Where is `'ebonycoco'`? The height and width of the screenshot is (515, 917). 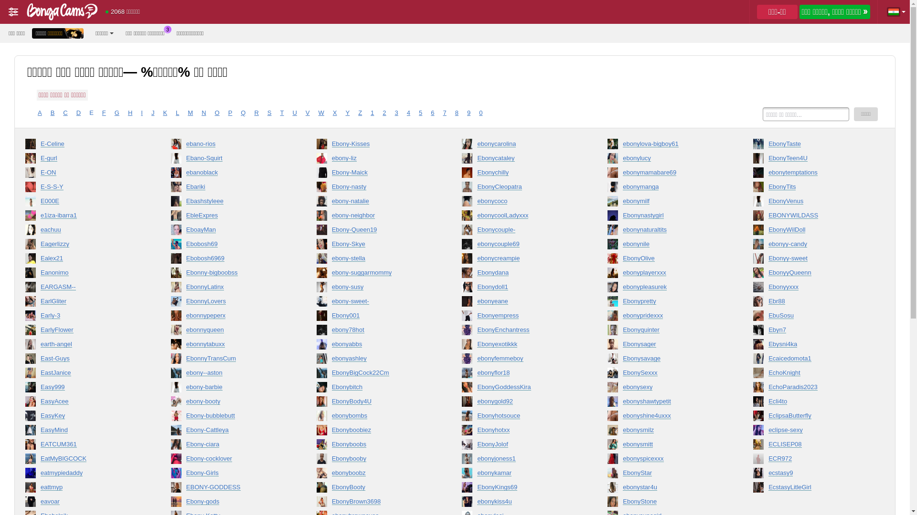 'ebonycoco' is located at coordinates (520, 202).